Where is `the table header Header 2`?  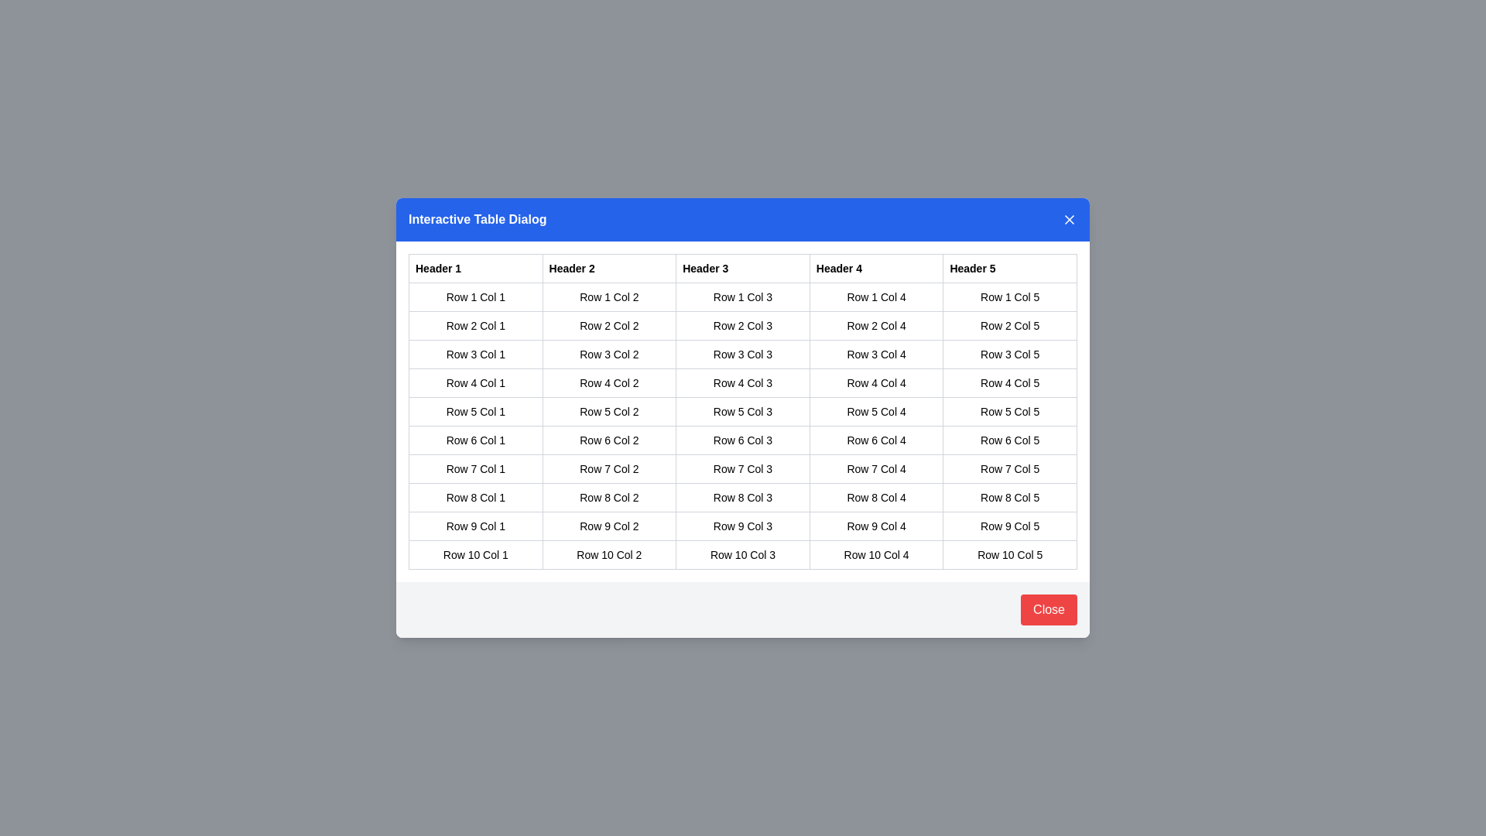 the table header Header 2 is located at coordinates (608, 268).